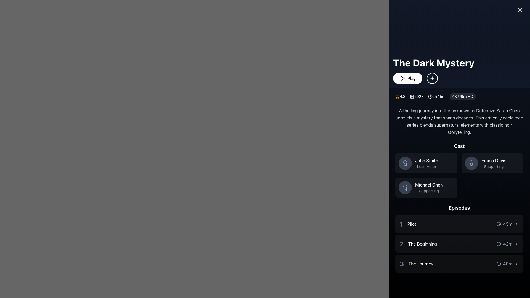 Image resolution: width=530 pixels, height=298 pixels. Describe the element at coordinates (494, 163) in the screenshot. I see `the text label identifying the cast member 'Emma Davis' in the 'Cast' section of 'The Dark Mystery' interface, which is positioned below 'John Smith' and above 'Michael Chen'` at that location.